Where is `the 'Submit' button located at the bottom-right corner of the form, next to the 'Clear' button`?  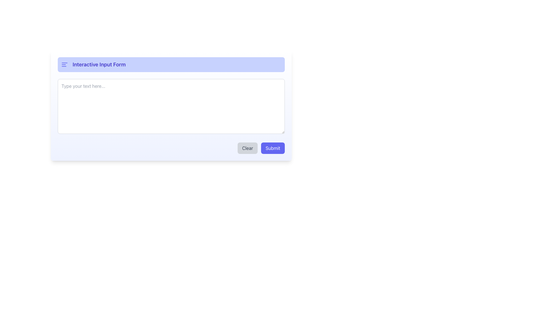 the 'Submit' button located at the bottom-right corner of the form, next to the 'Clear' button is located at coordinates (272, 148).